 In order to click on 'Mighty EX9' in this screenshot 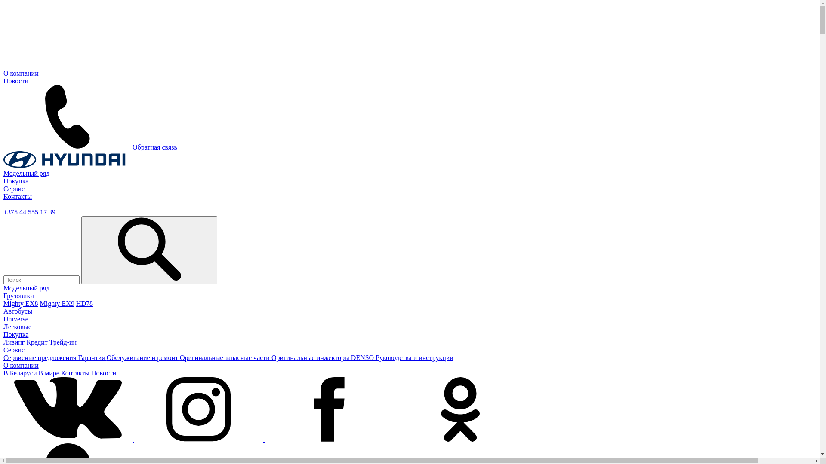, I will do `click(56, 303)`.